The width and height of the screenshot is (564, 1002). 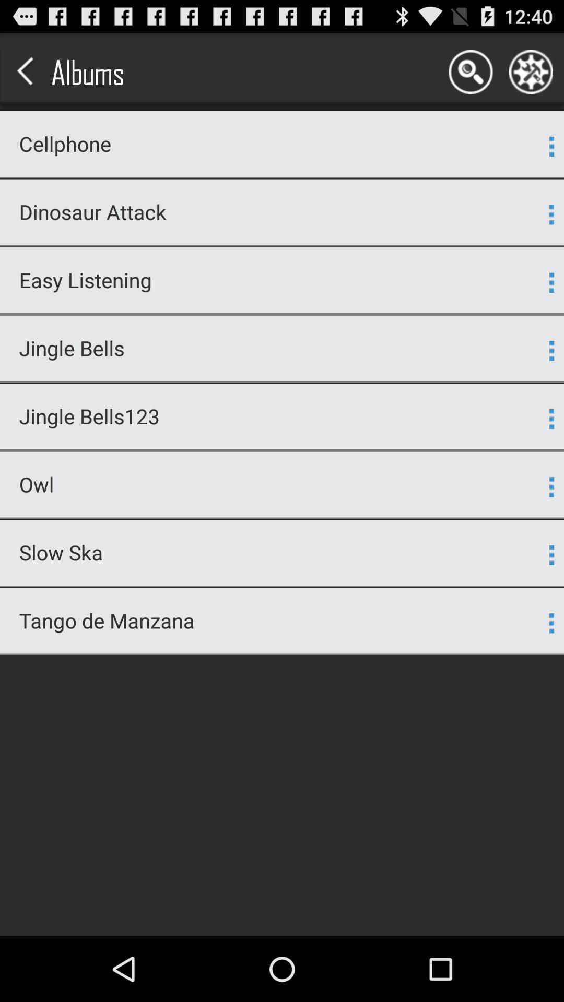 What do you see at coordinates (282, 177) in the screenshot?
I see `the app above the dinosaur attack item` at bounding box center [282, 177].